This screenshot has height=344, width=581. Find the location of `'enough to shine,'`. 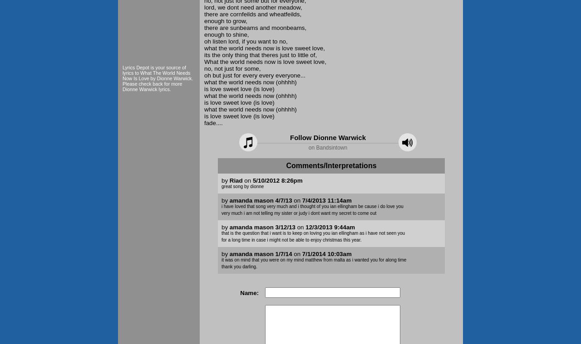

'enough to shine,' is located at coordinates (226, 34).